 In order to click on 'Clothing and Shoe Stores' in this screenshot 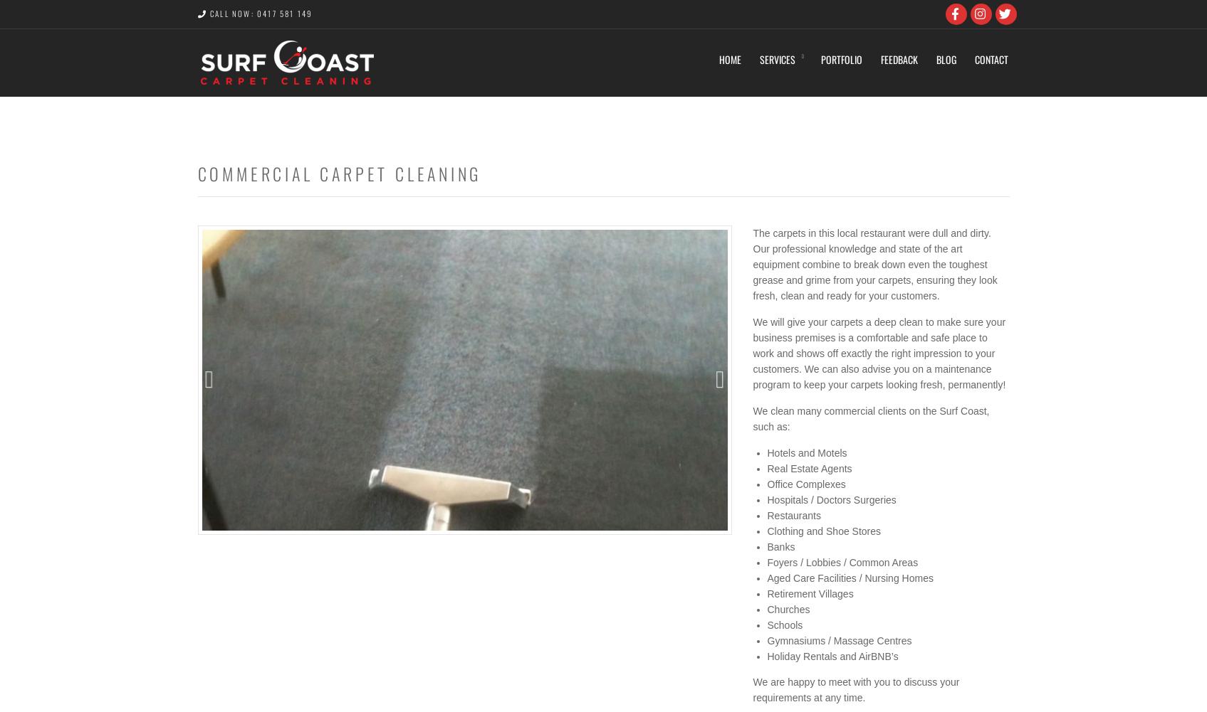, I will do `click(767, 531)`.